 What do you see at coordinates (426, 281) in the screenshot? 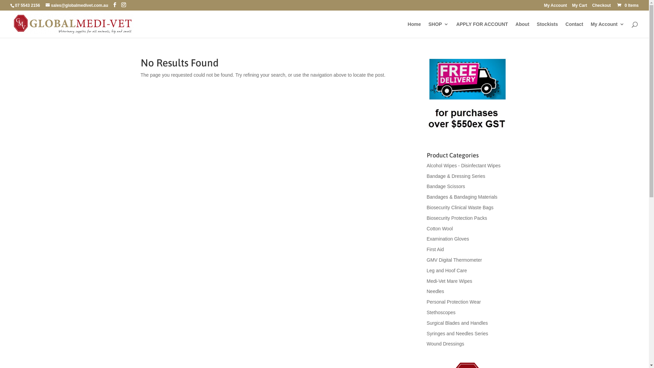
I see `'Medi-Vet Mare Wipes'` at bounding box center [426, 281].